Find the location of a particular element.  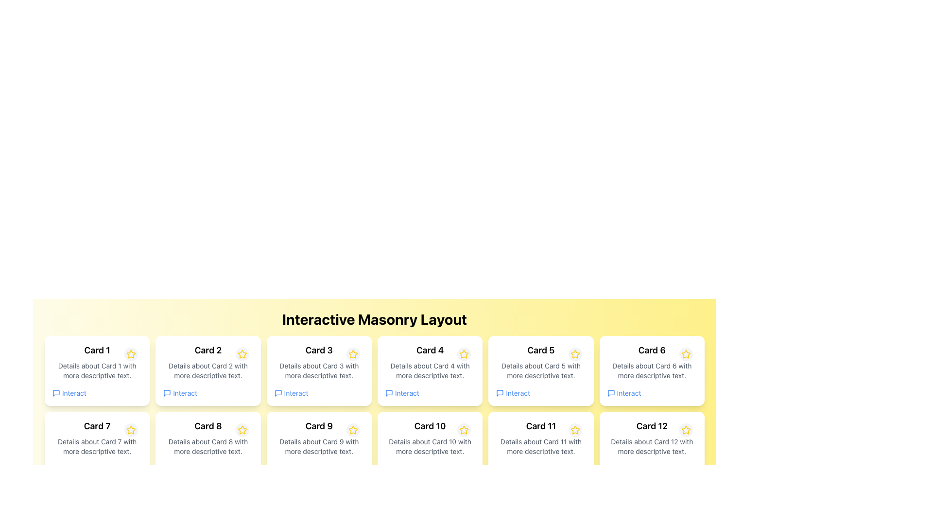

message bubble icon located in the third card of a 4x3 grid layout under 'Interact' is located at coordinates (277, 393).